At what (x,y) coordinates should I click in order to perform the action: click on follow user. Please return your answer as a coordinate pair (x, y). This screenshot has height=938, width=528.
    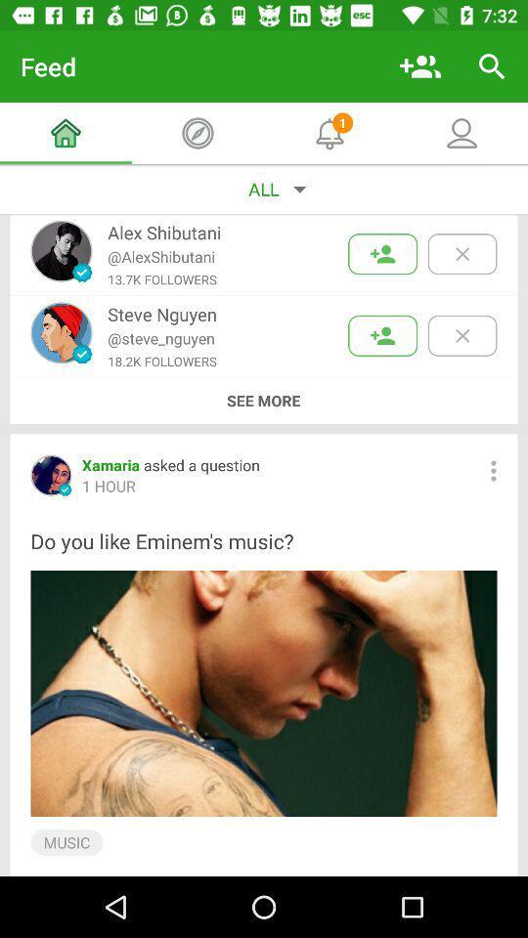
    Looking at the image, I should click on (382, 253).